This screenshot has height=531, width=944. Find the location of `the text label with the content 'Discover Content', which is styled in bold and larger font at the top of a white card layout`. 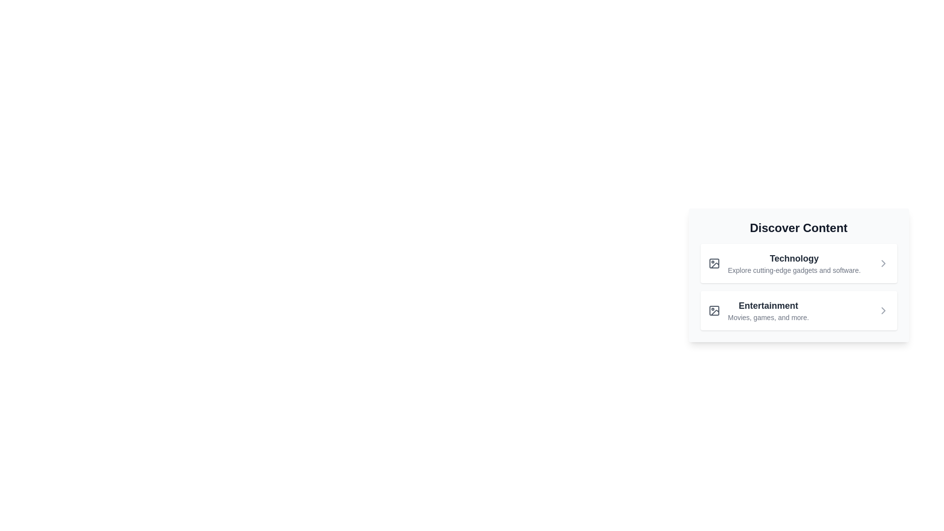

the text label with the content 'Discover Content', which is styled in bold and larger font at the top of a white card layout is located at coordinates (798, 228).